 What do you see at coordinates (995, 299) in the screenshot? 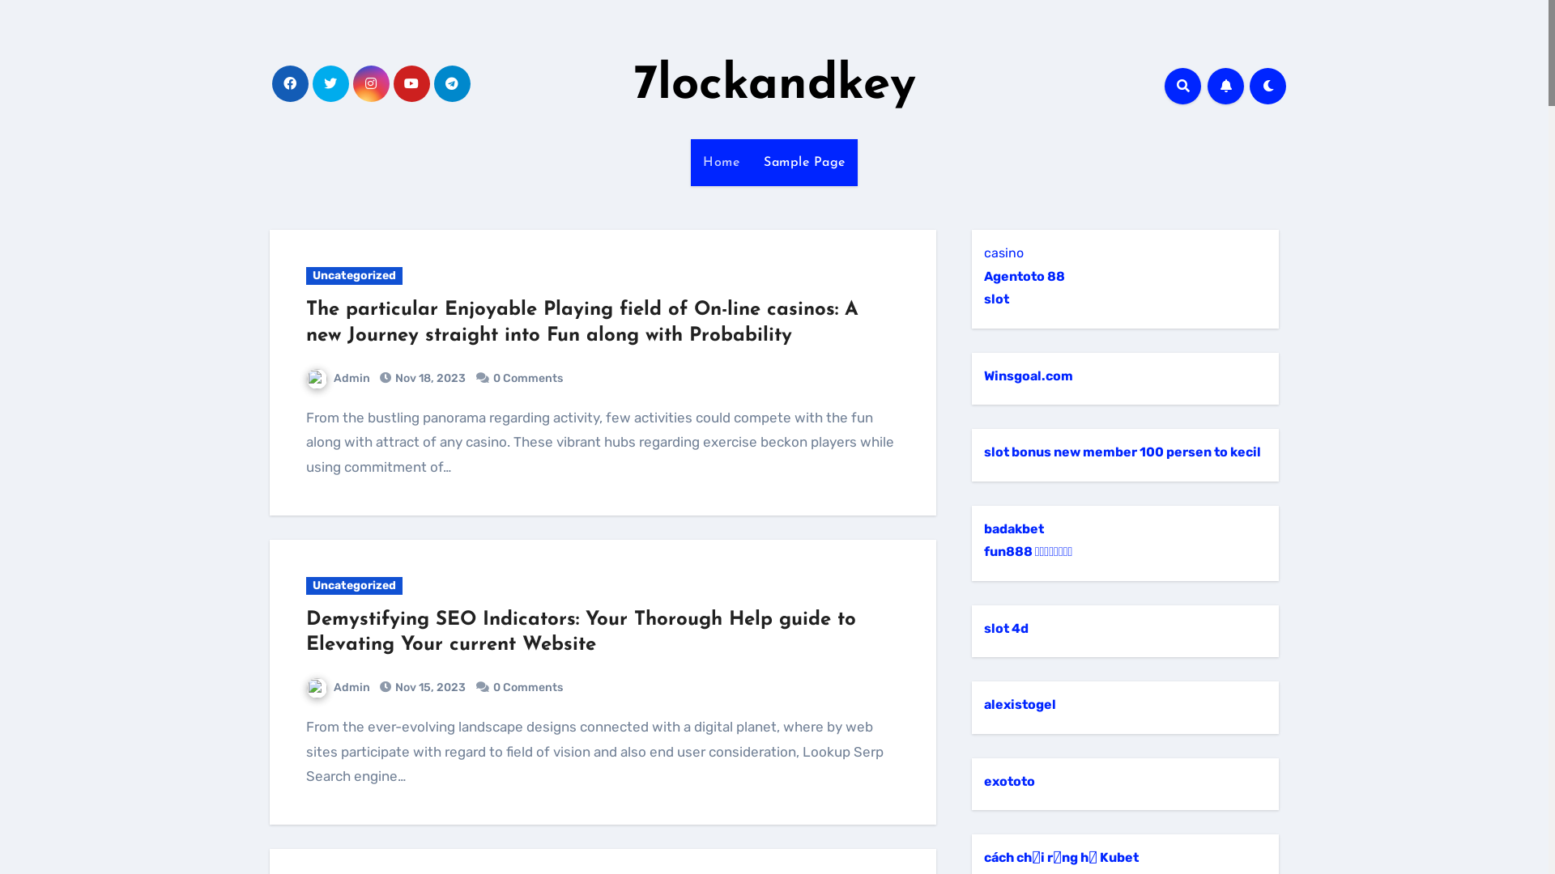
I see `'slot'` at bounding box center [995, 299].